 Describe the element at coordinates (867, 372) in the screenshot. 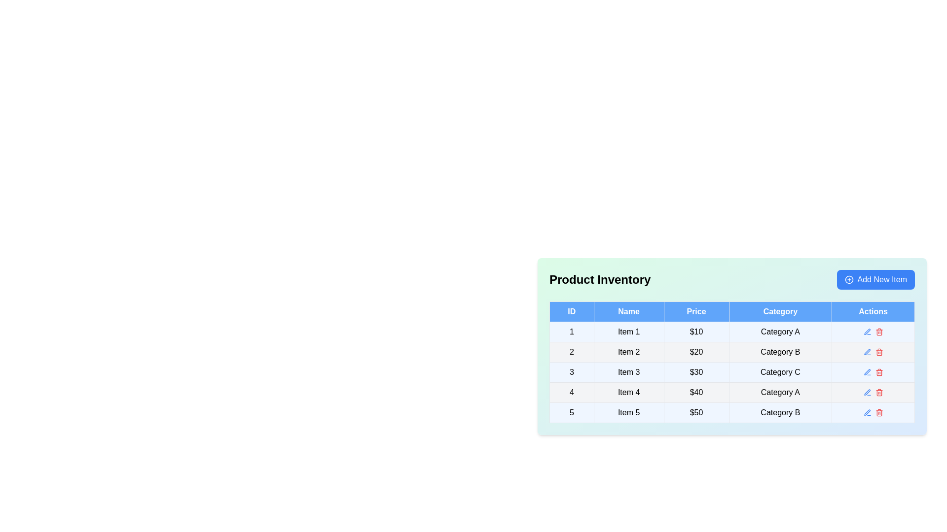

I see `the SVG Pen Edit Icon located in the 'Actions' column of the third row within the table` at that location.